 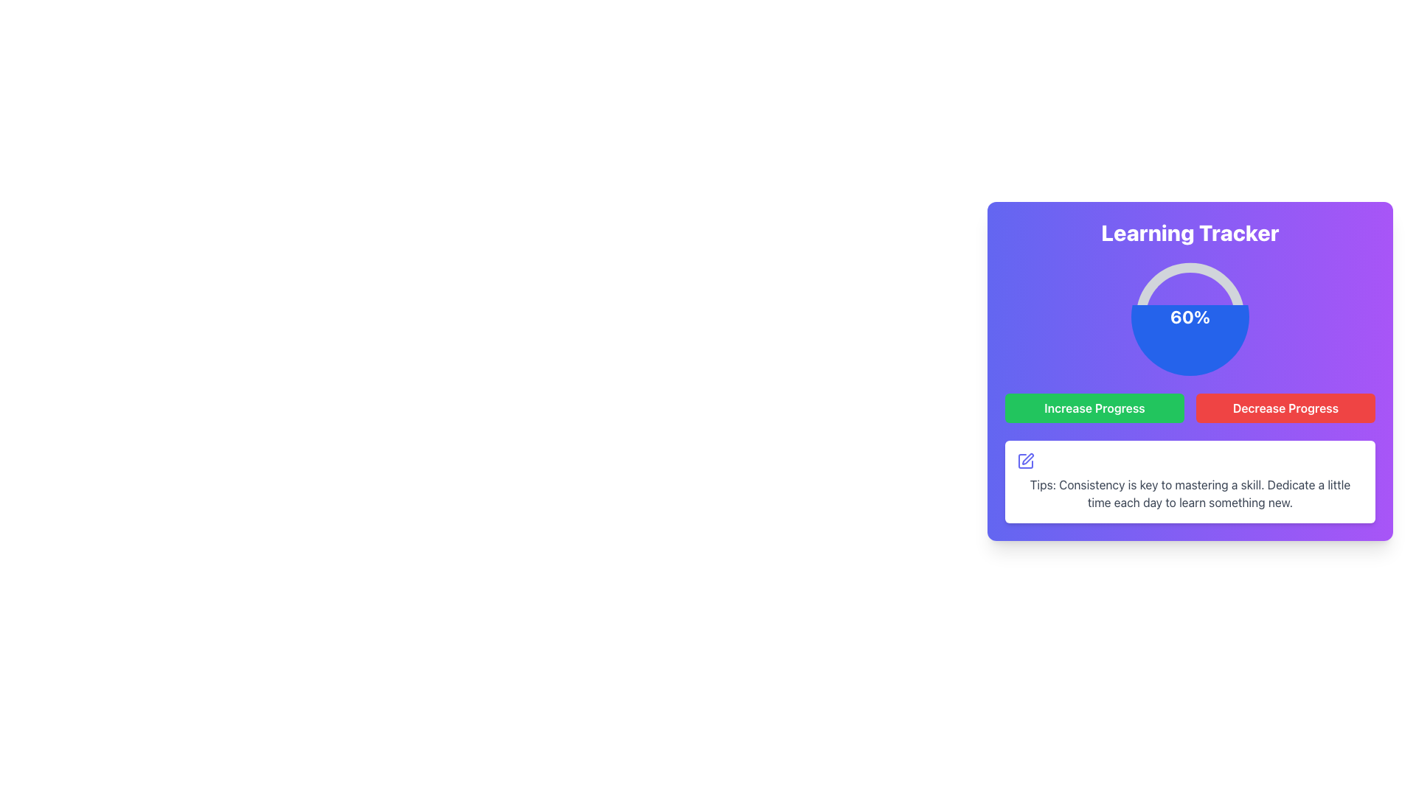 What do you see at coordinates (1025, 460) in the screenshot?
I see `the editing icon located at the leftmost side of the text box containing tips about consistency in learning to initiate editing` at bounding box center [1025, 460].